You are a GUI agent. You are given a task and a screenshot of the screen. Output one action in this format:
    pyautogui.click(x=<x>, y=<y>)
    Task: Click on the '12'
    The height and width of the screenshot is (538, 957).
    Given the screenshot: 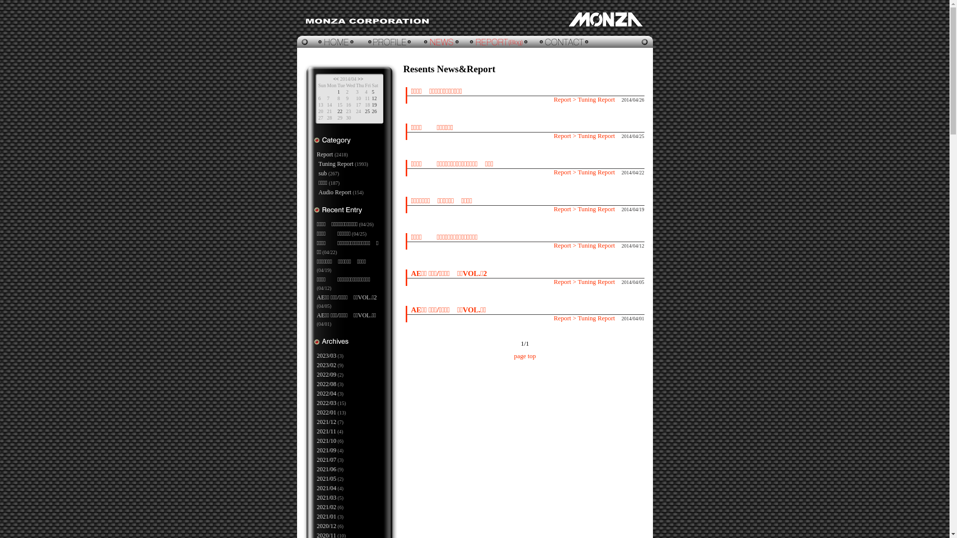 What is the action you would take?
    pyautogui.click(x=371, y=98)
    